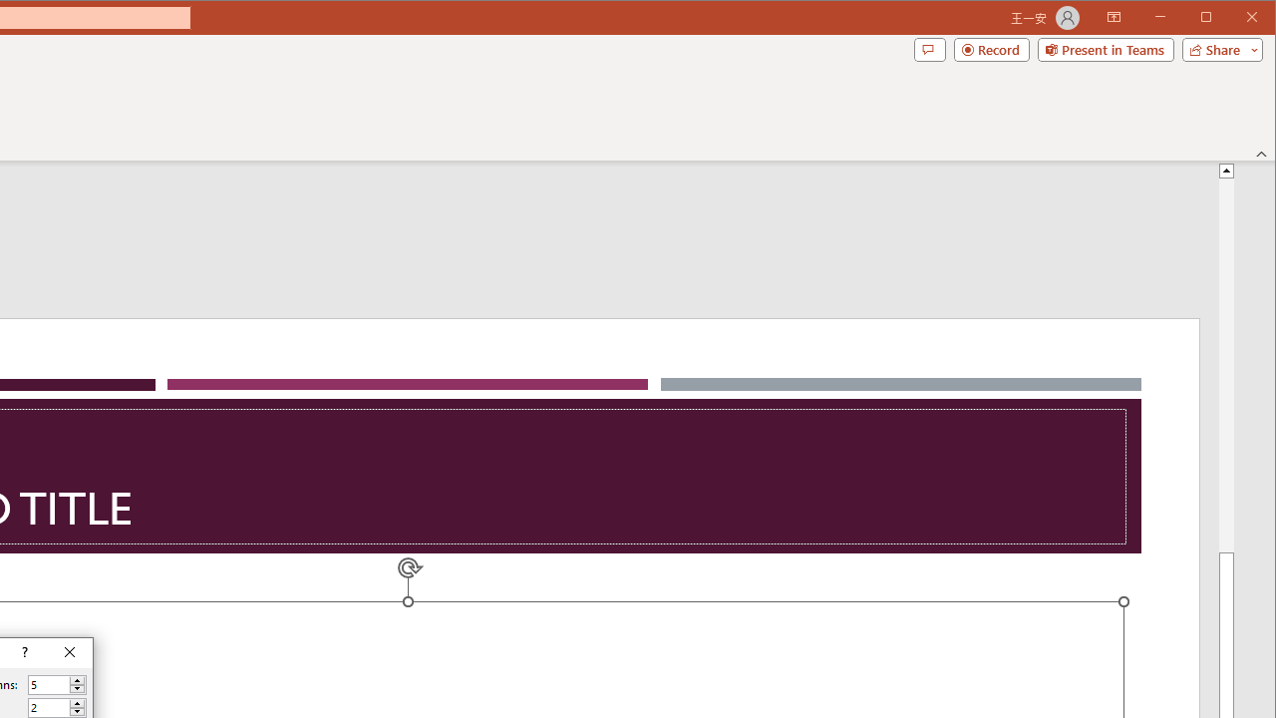 The width and height of the screenshot is (1276, 718). Describe the element at coordinates (77, 711) in the screenshot. I see `'Less'` at that location.